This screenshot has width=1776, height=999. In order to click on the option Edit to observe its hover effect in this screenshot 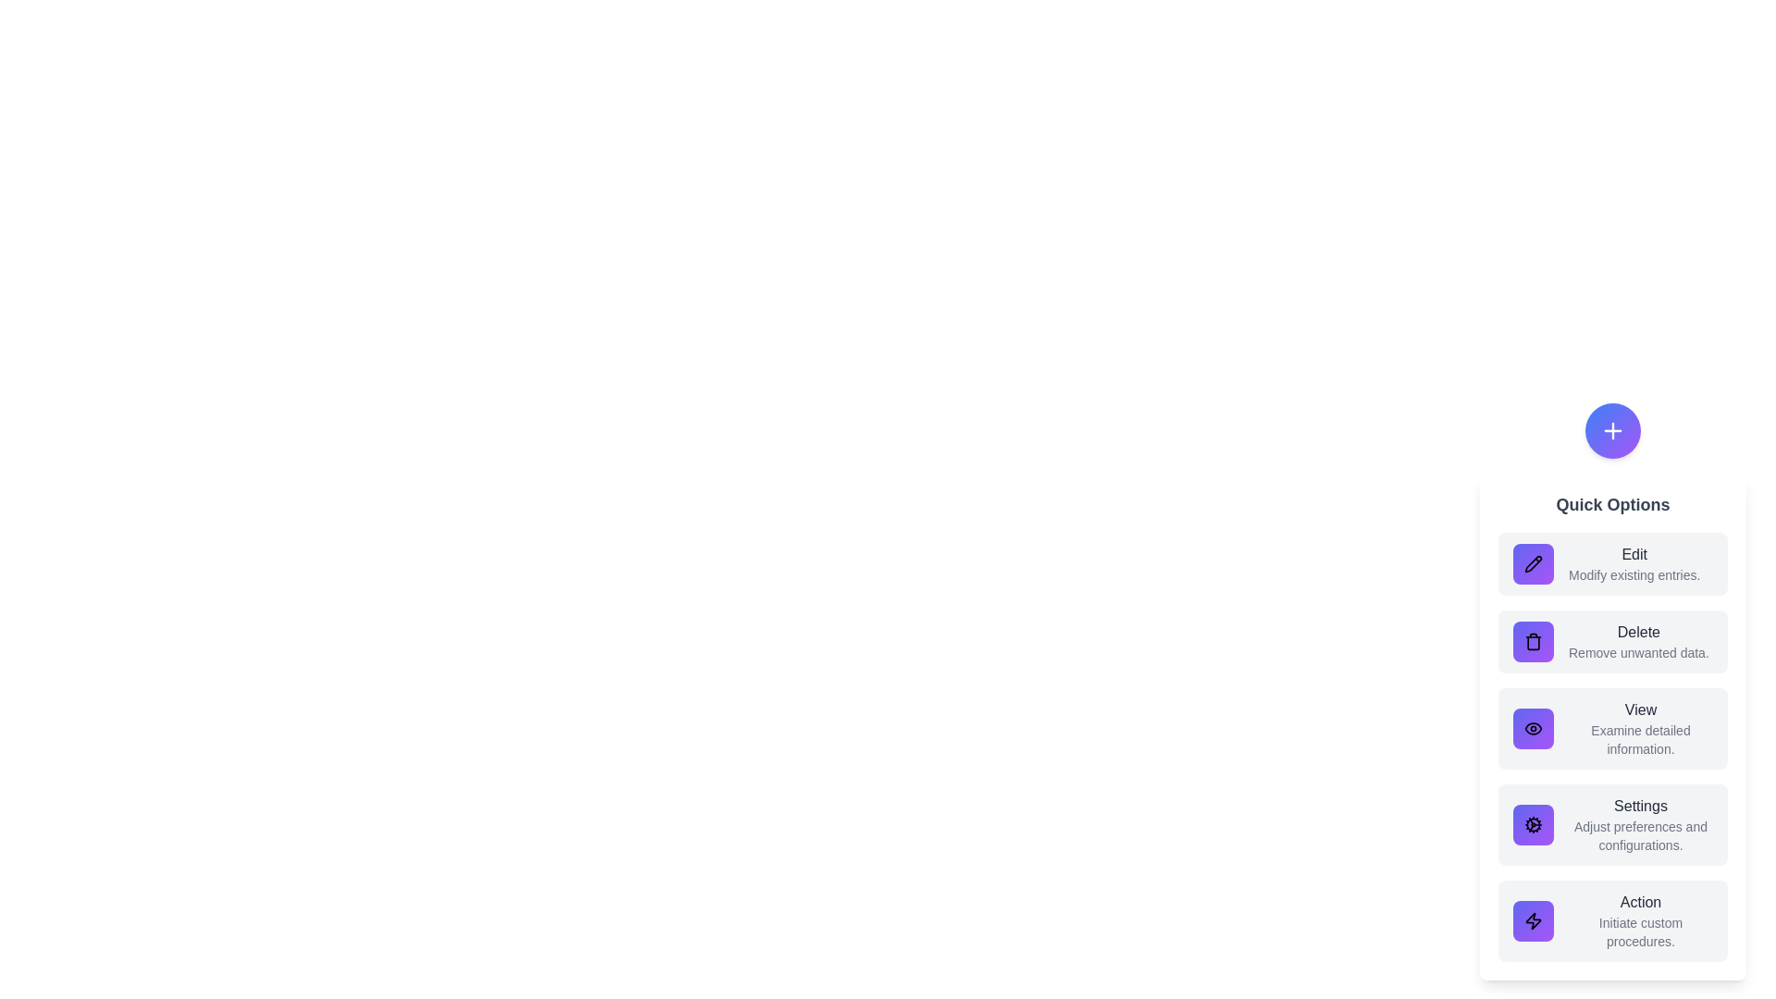, I will do `click(1611, 562)`.